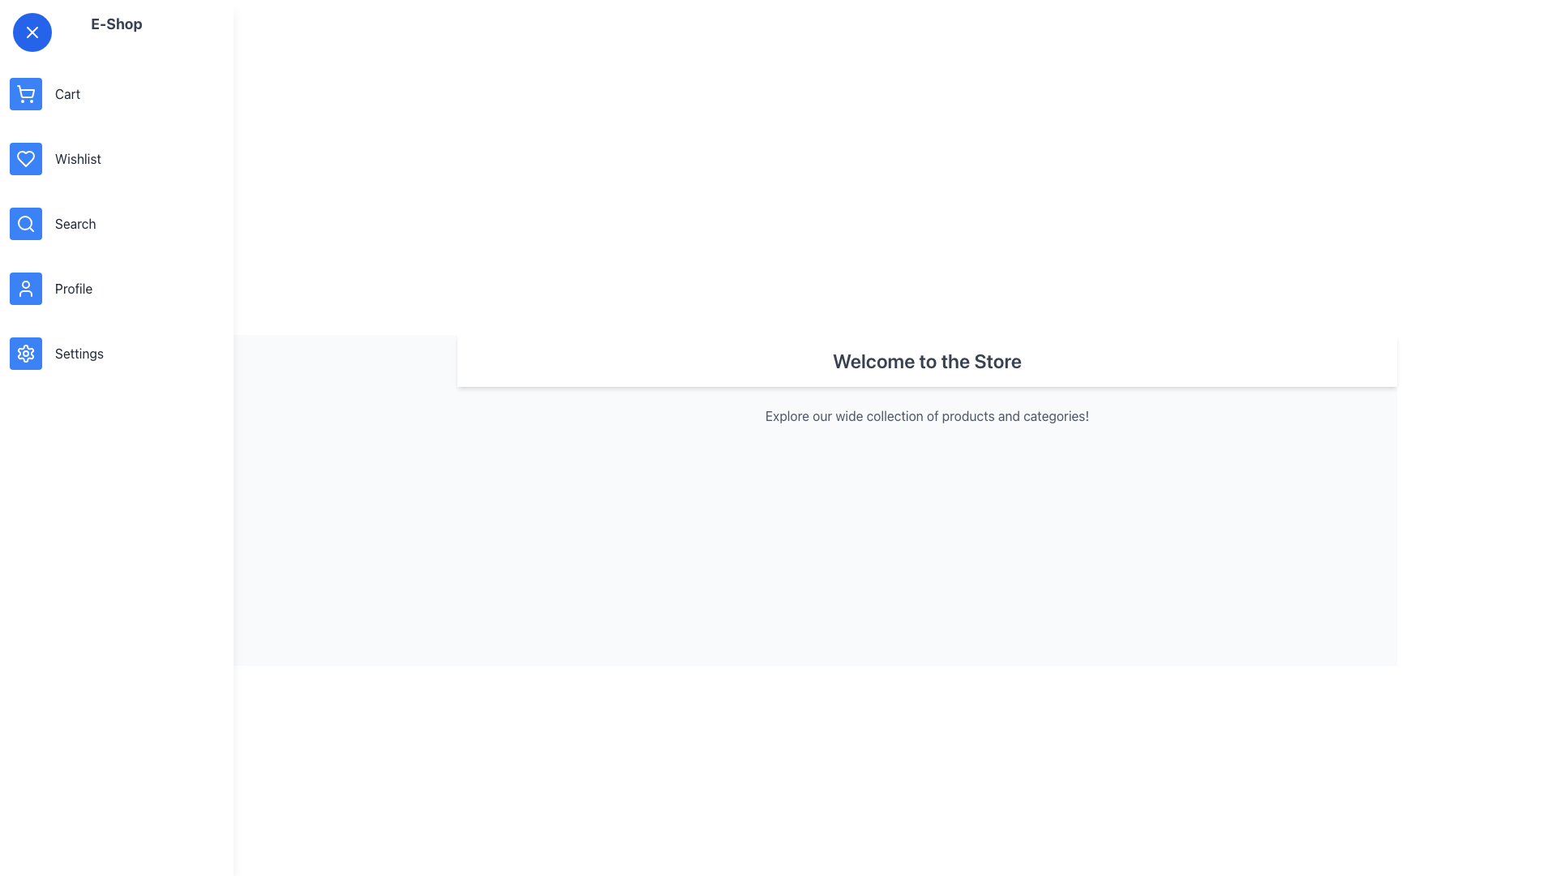 Image resolution: width=1557 pixels, height=876 pixels. What do you see at coordinates (26, 352) in the screenshot?
I see `the gear icon located in the left-hand side vertical navigation menu, which is the fifth item associated with the 'Settings' label` at bounding box center [26, 352].